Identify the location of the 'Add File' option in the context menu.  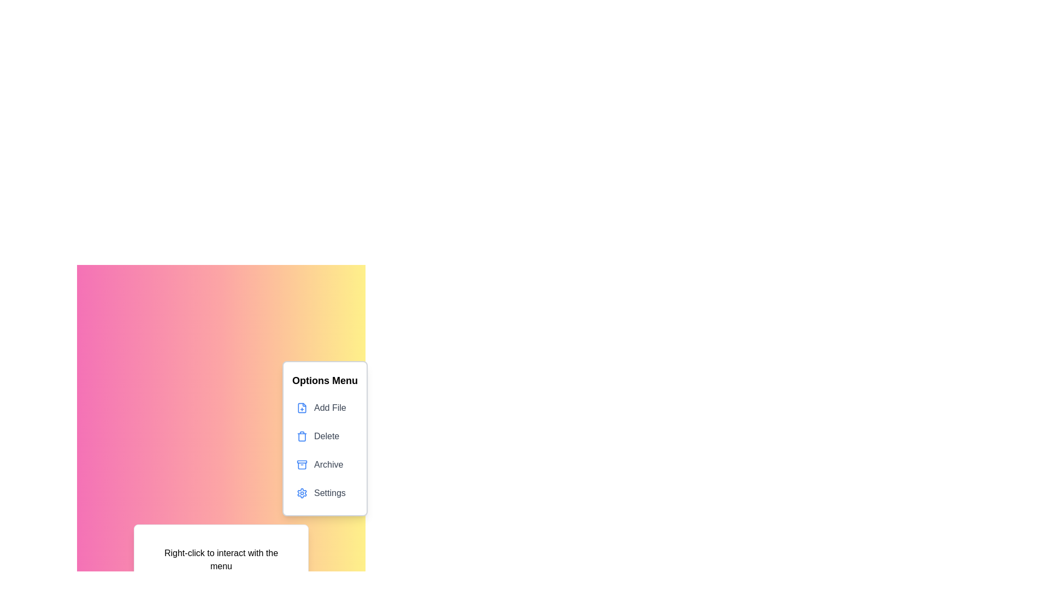
(325, 408).